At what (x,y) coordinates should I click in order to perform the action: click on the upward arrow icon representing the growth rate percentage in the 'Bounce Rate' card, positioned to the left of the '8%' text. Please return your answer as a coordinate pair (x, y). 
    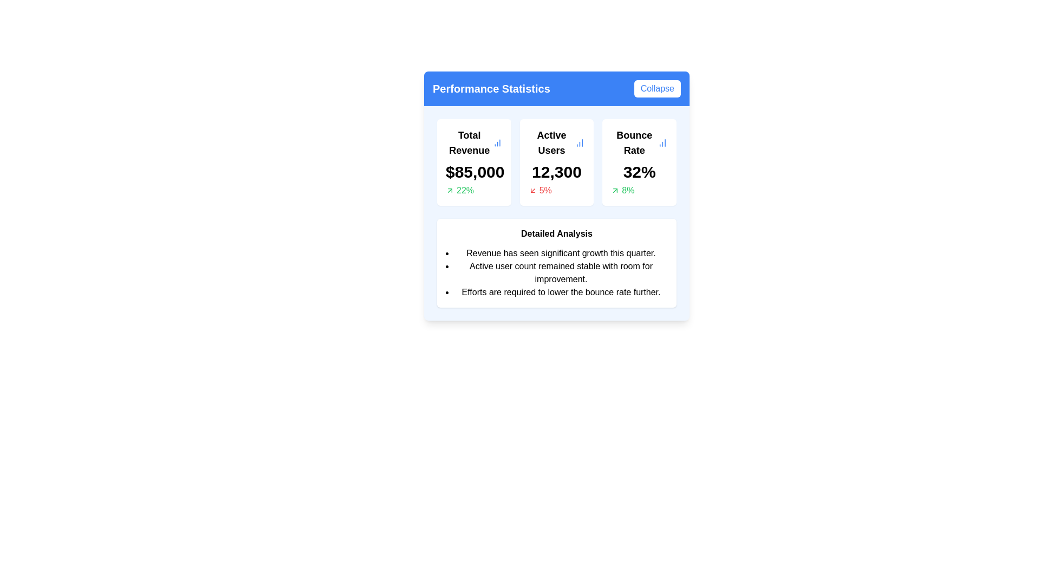
    Looking at the image, I should click on (615, 190).